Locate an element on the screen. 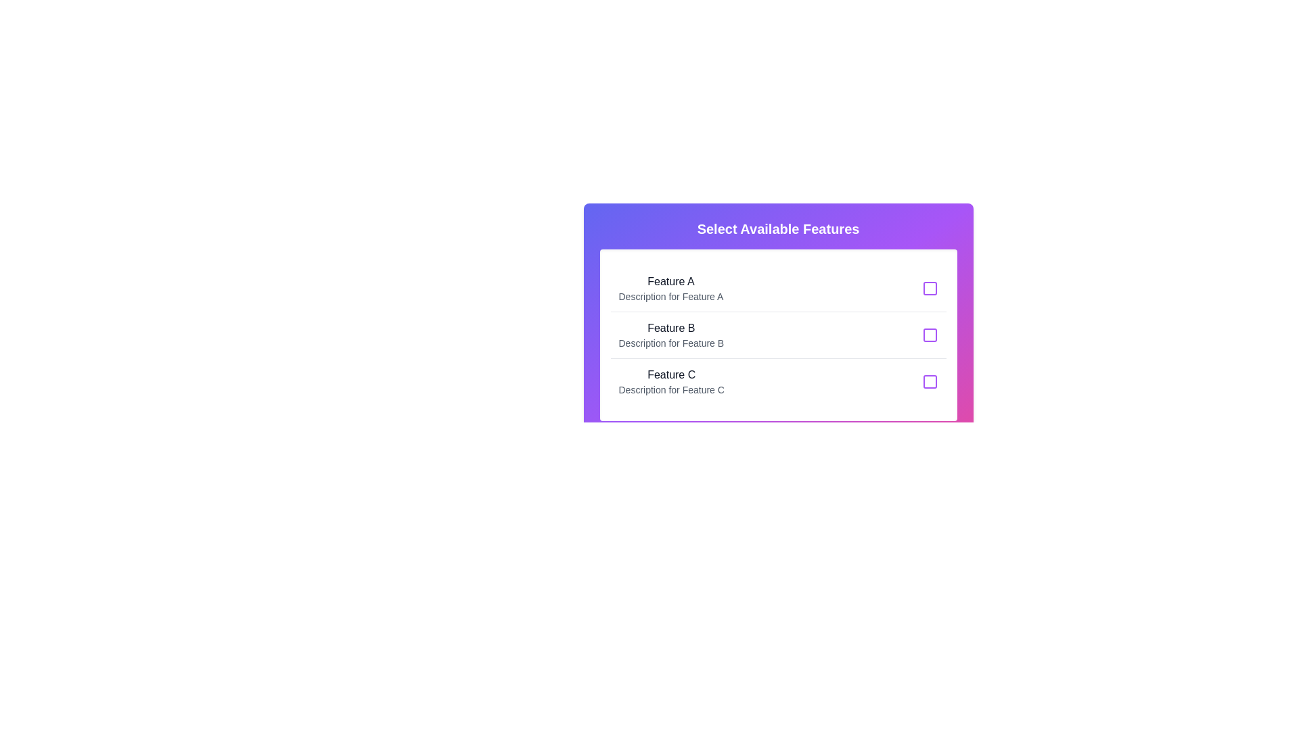 This screenshot has width=1299, height=730. the interactive list entry for 'Feature B', which includes a checkbox on the right is located at coordinates (778, 335).